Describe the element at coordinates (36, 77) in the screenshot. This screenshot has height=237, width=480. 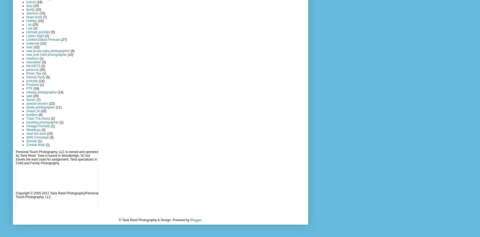
I see `'Portrait Party'` at that location.